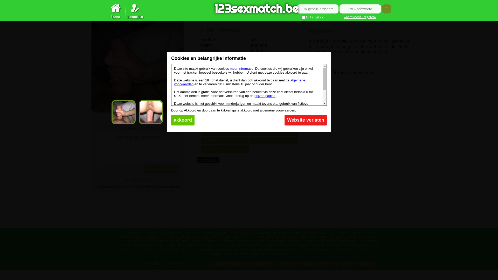 This screenshot has height=280, width=498. Describe the element at coordinates (247, 264) in the screenshot. I see `'privacy statement'` at that location.